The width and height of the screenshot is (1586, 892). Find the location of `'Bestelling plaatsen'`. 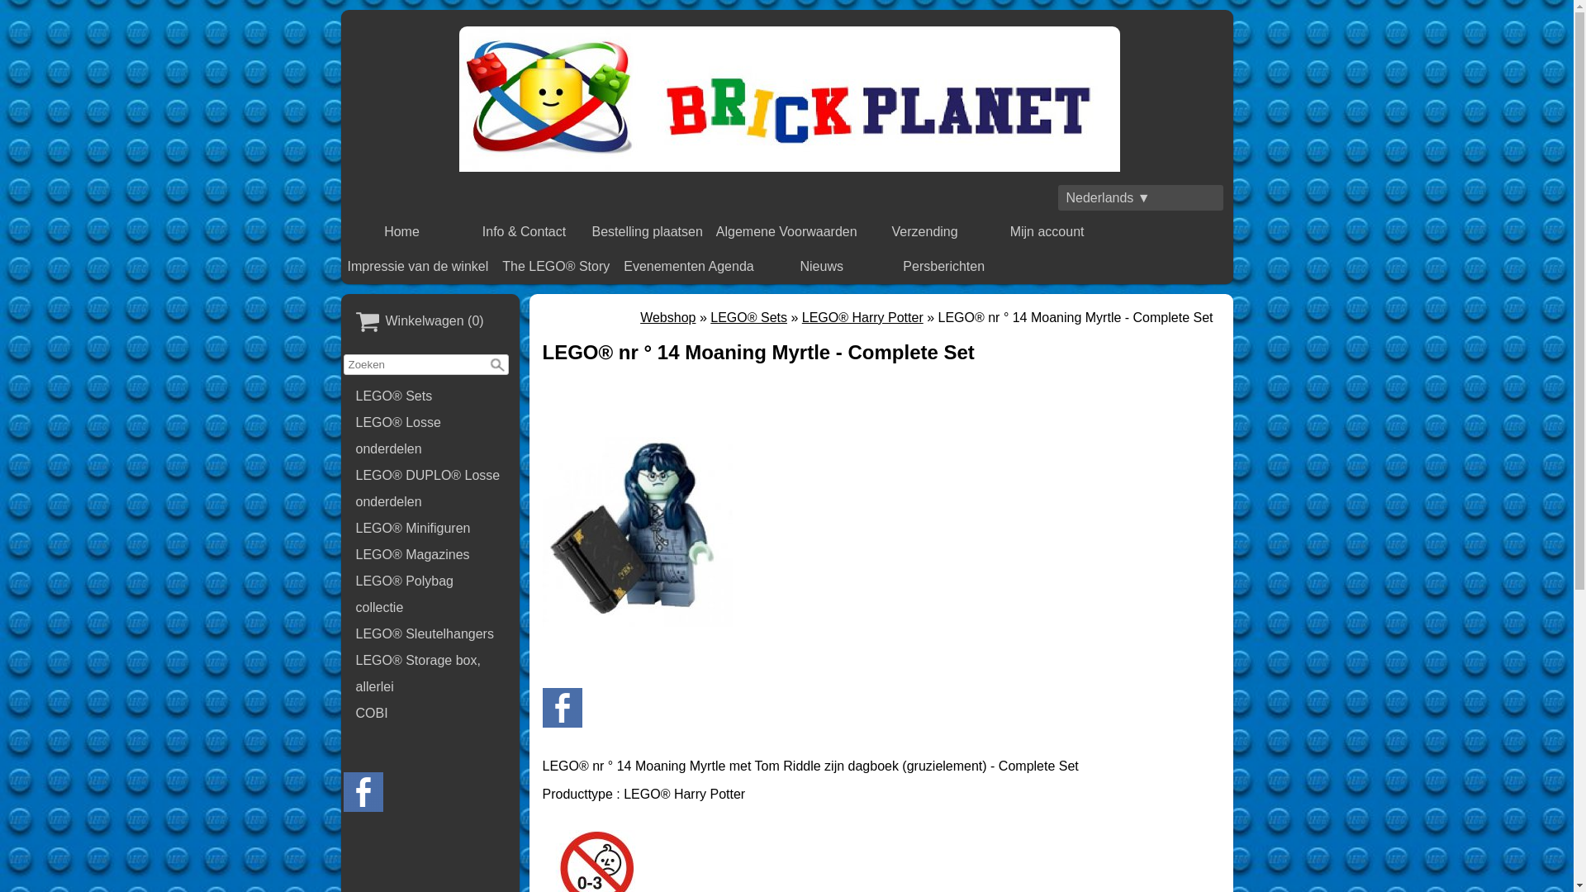

'Bestelling plaatsen' is located at coordinates (646, 232).